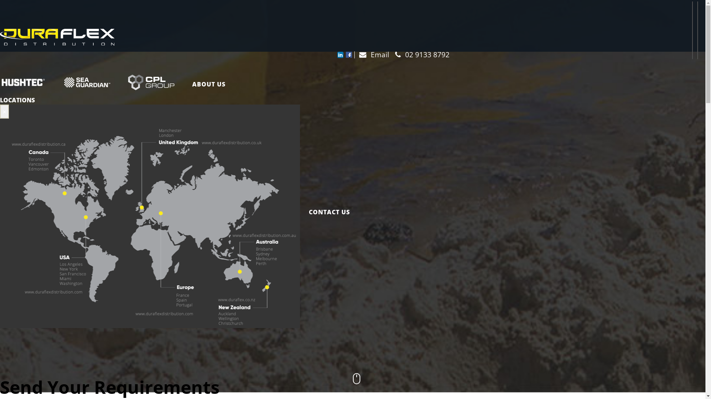  Describe the element at coordinates (17, 100) in the screenshot. I see `'LOCATIONS'` at that location.